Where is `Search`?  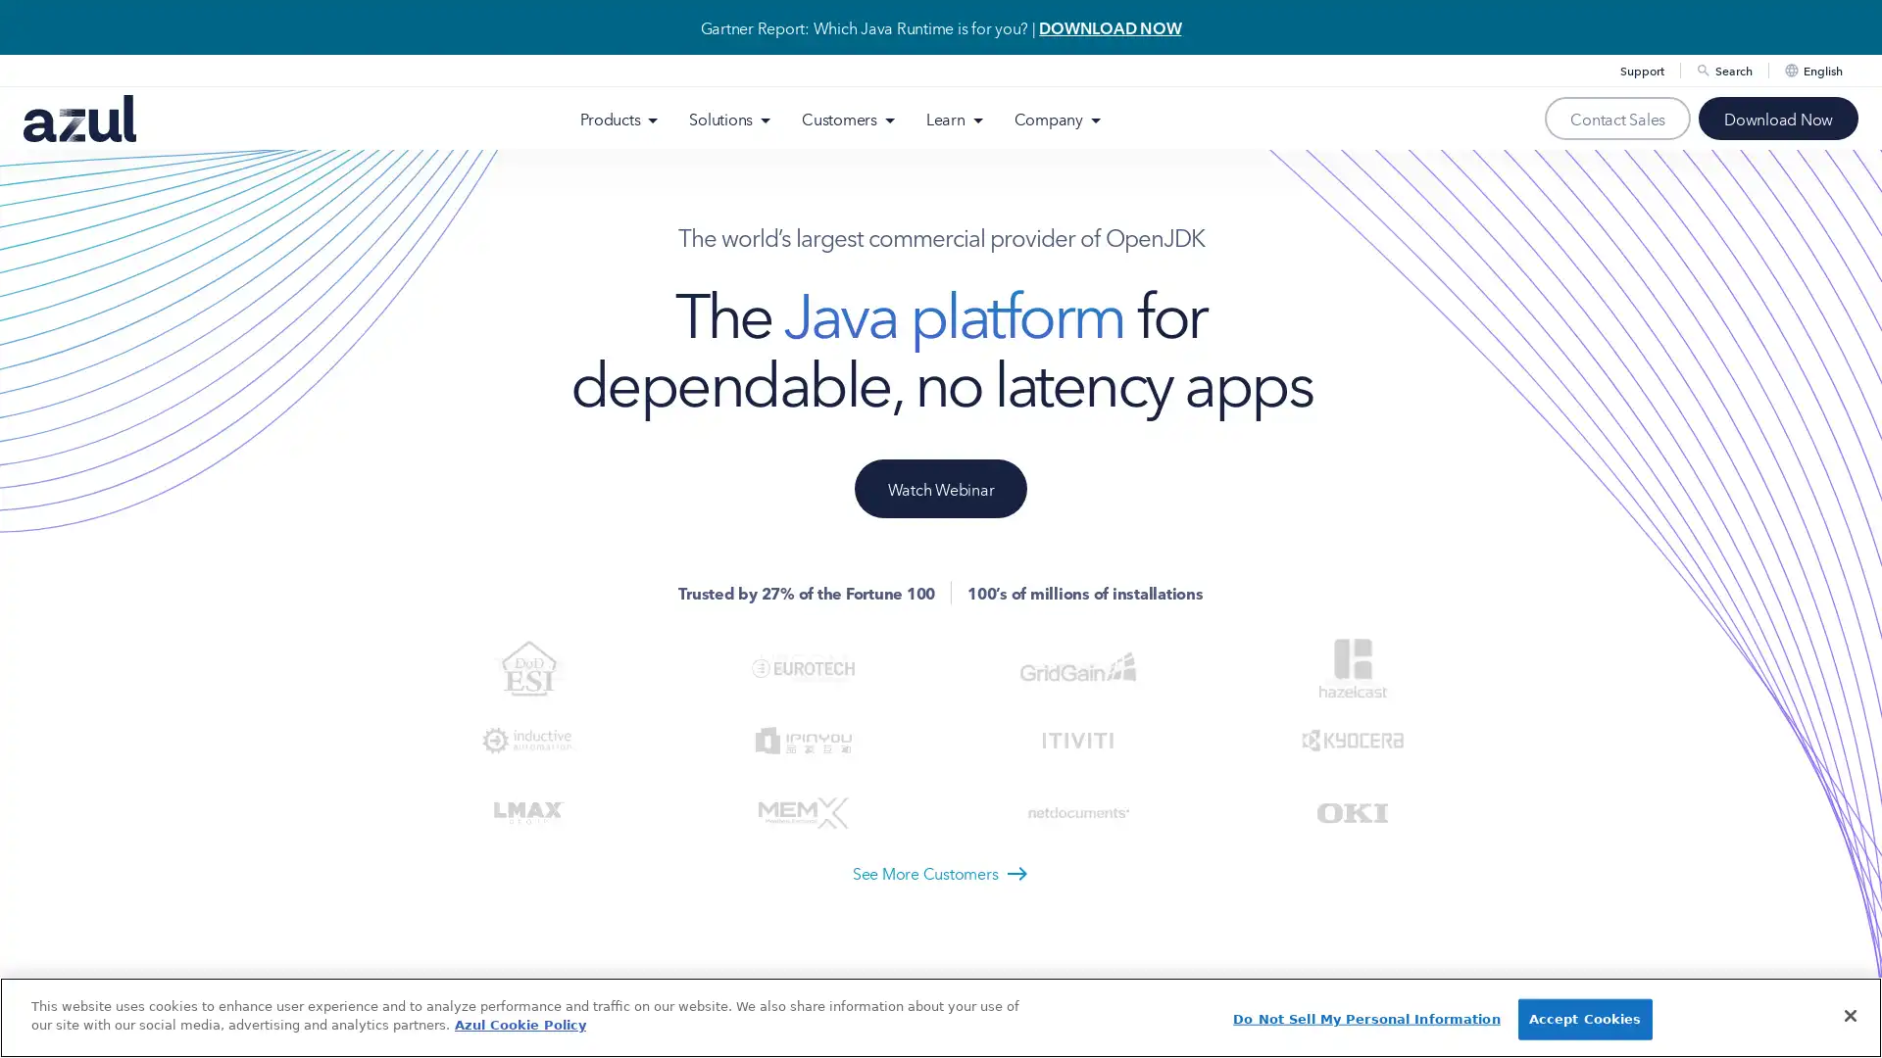 Search is located at coordinates (1744, 113).